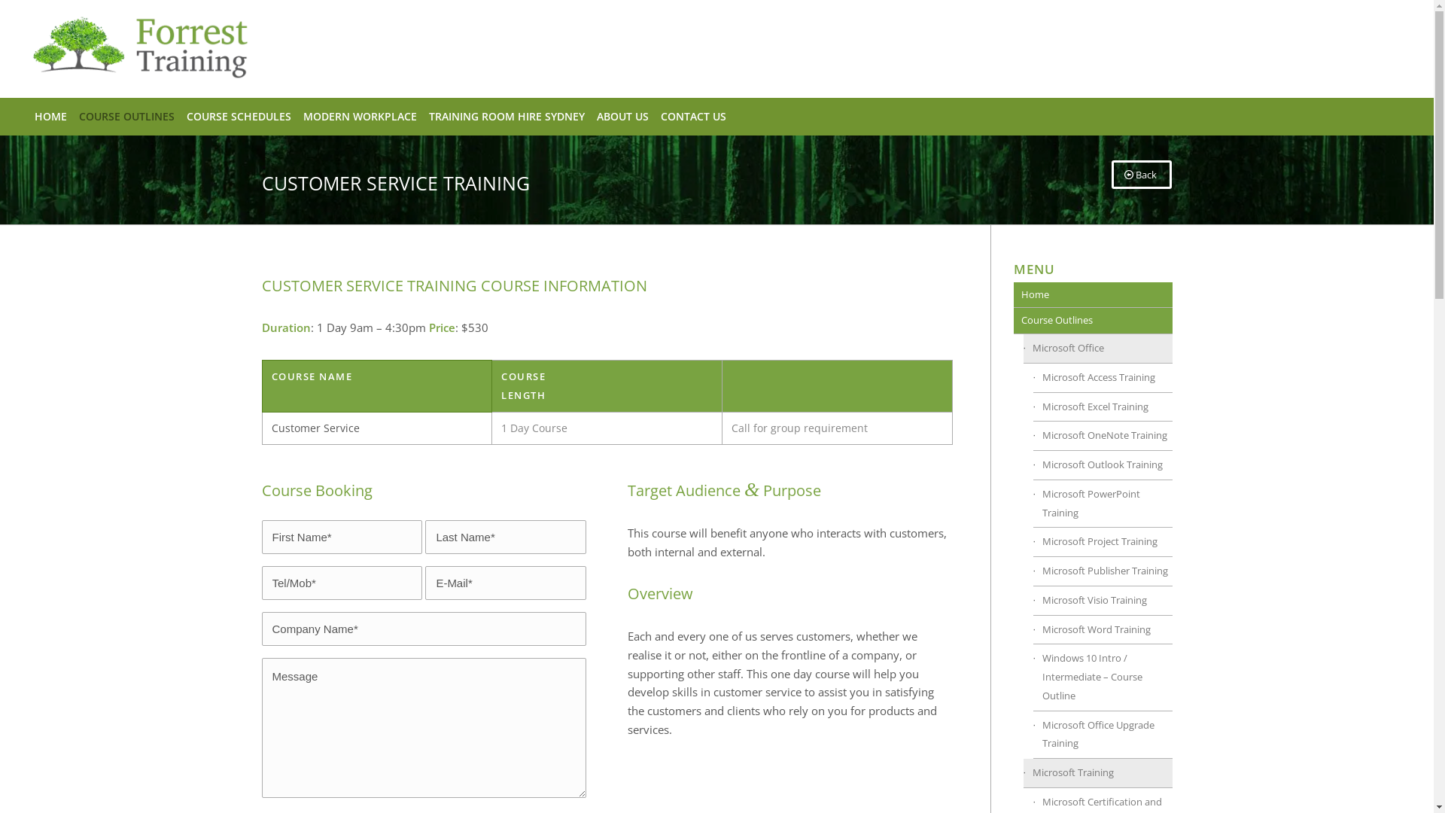  What do you see at coordinates (1102, 600) in the screenshot?
I see `'Microsoft Visio Training'` at bounding box center [1102, 600].